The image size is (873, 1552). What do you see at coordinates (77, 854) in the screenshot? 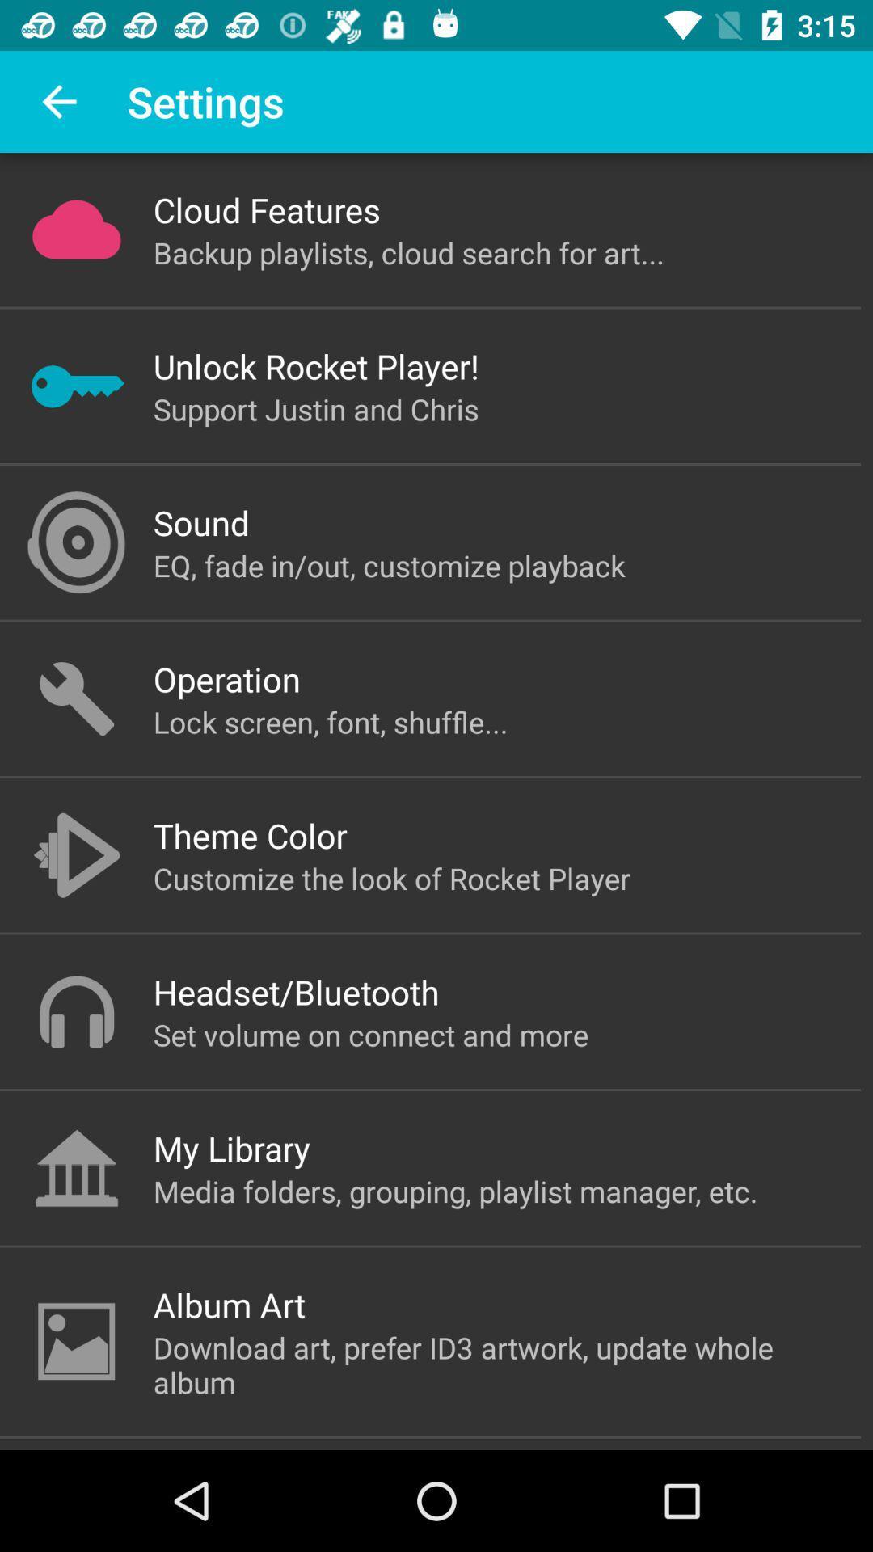
I see `the icon beside theme color` at bounding box center [77, 854].